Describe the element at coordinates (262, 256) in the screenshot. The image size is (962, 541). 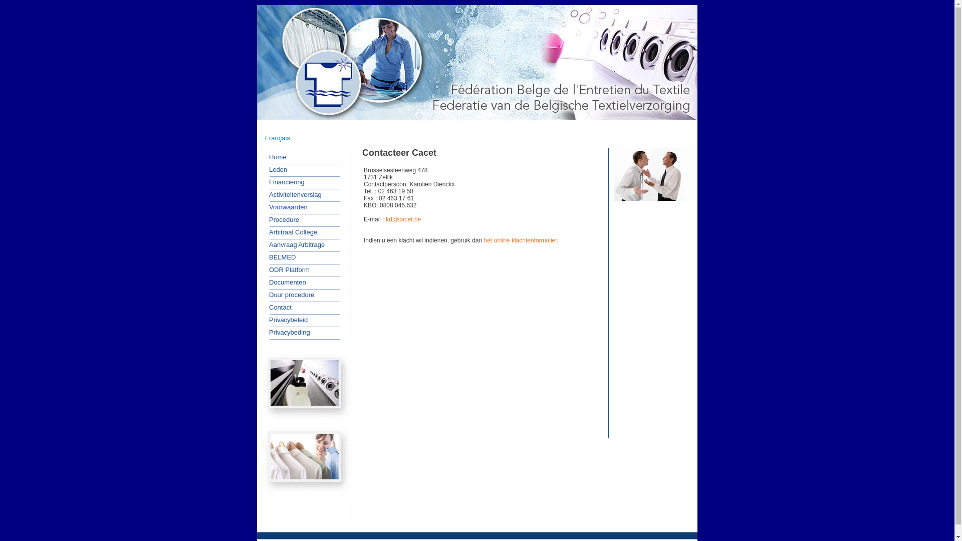
I see `'BELMED'` at that location.